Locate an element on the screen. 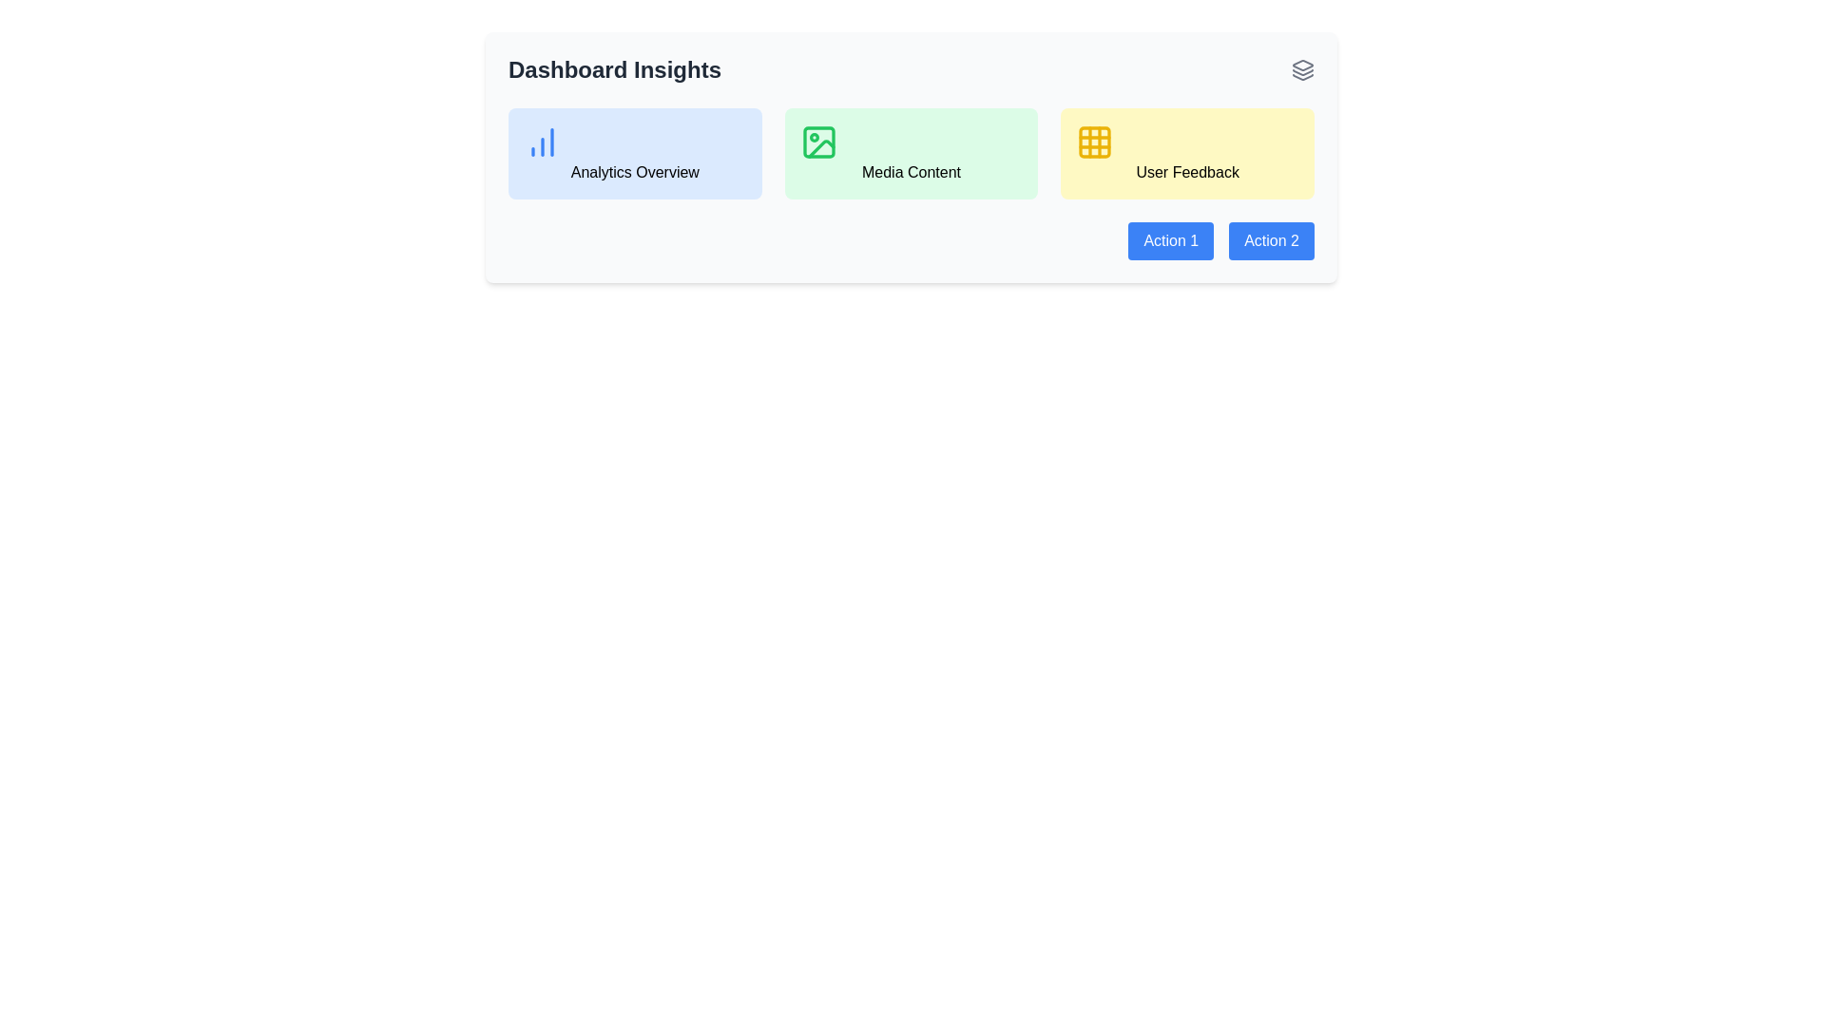 The height and width of the screenshot is (1026, 1825). the central rectangular graphic element in the 'User Feedback' section of the dashboard insights interface, which is part of a 3x3 grid pattern is located at coordinates (1095, 142).